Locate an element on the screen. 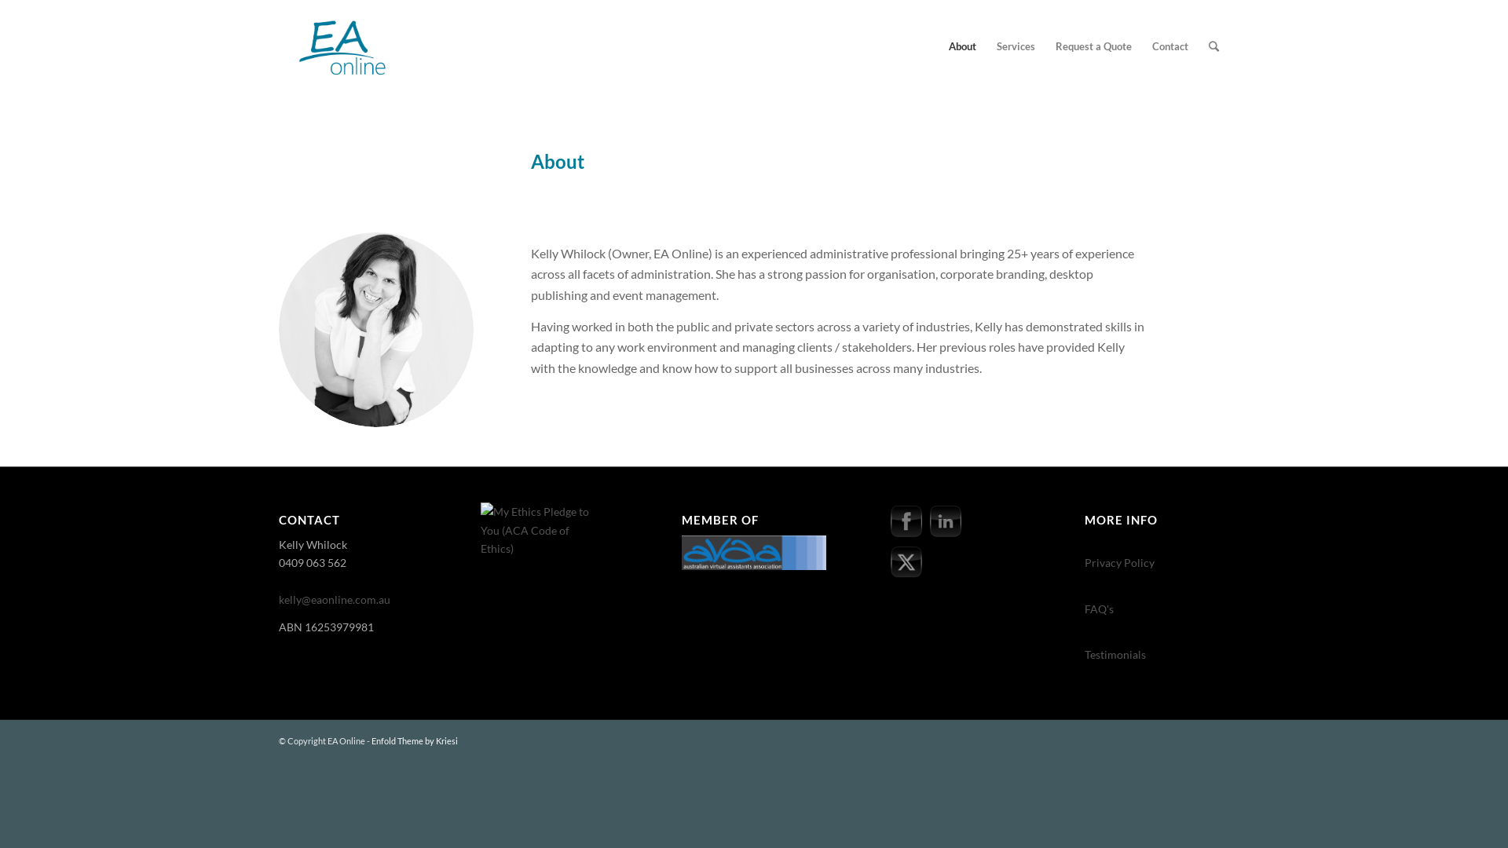 The width and height of the screenshot is (1508, 848). 'Services' is located at coordinates (986, 45).